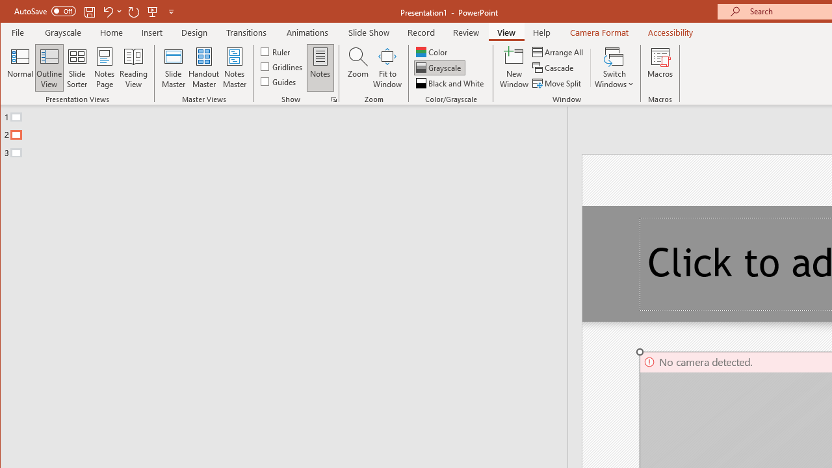  Describe the element at coordinates (279, 81) in the screenshot. I see `'Guides'` at that location.